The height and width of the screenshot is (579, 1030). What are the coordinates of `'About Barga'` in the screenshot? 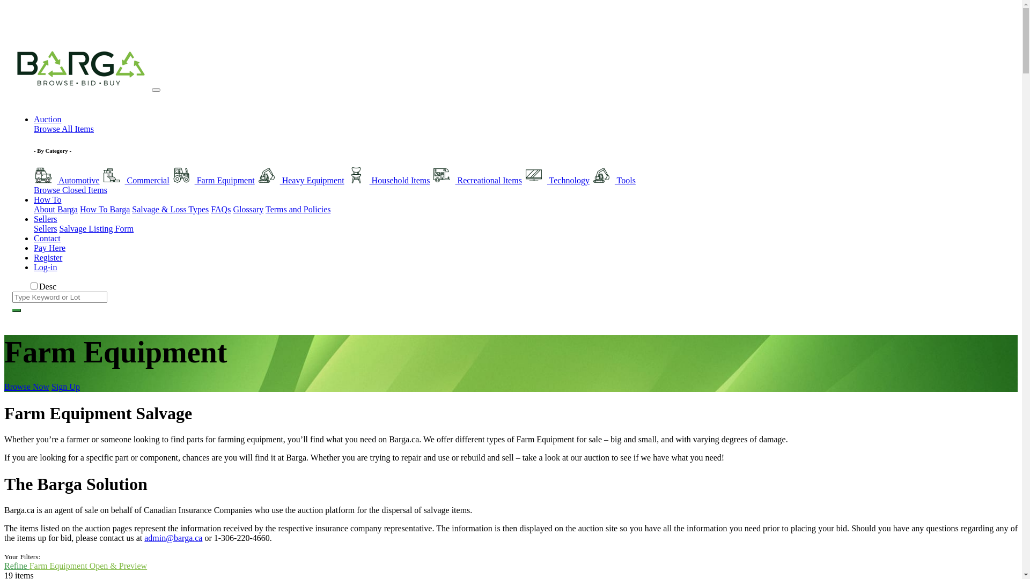 It's located at (55, 209).